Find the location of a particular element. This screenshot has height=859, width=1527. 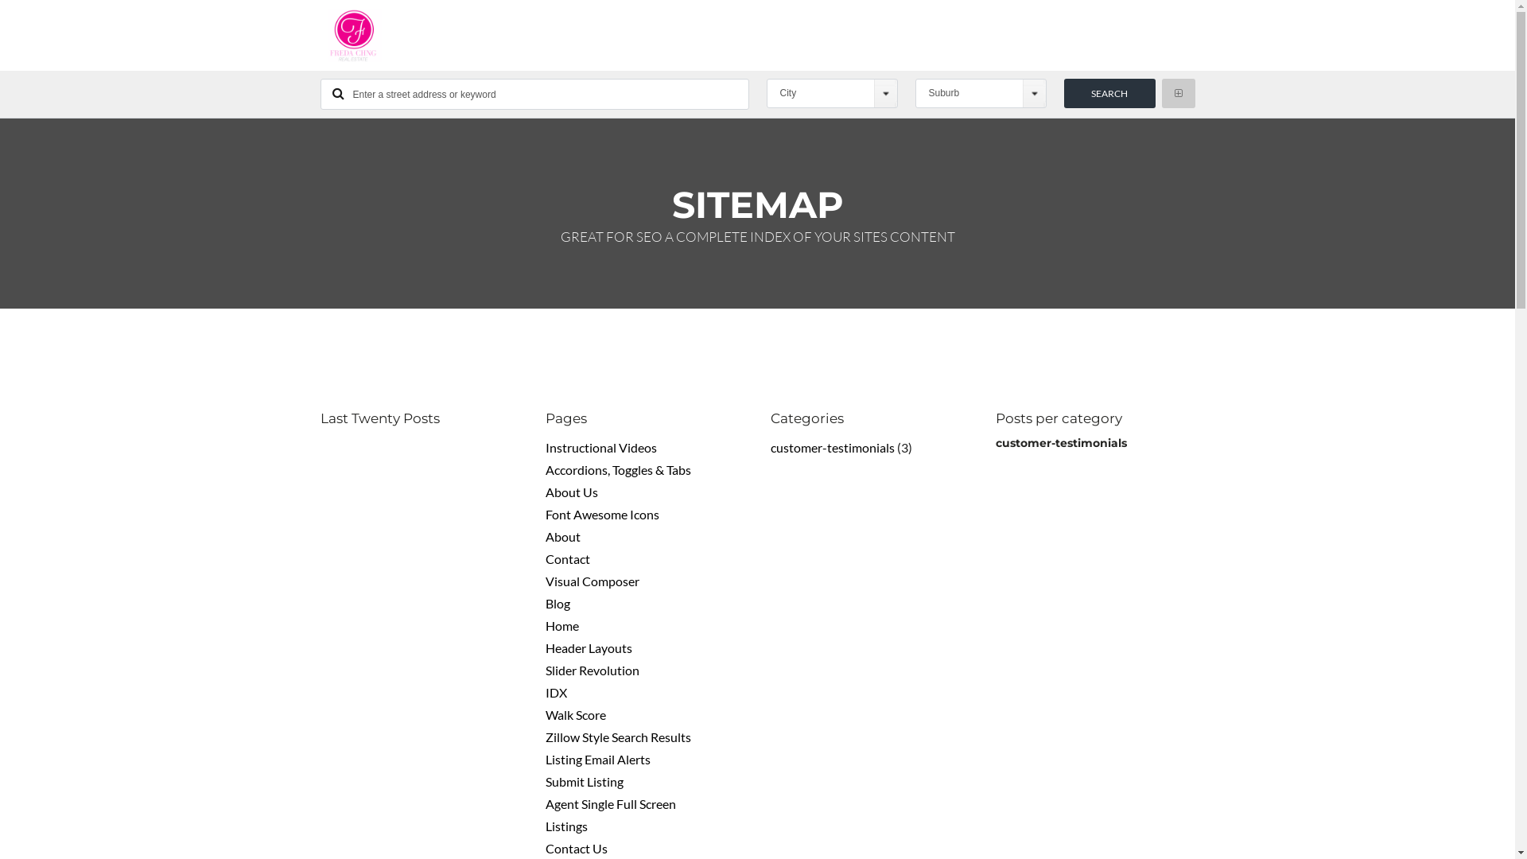

'customer-testimonials' is located at coordinates (831, 447).